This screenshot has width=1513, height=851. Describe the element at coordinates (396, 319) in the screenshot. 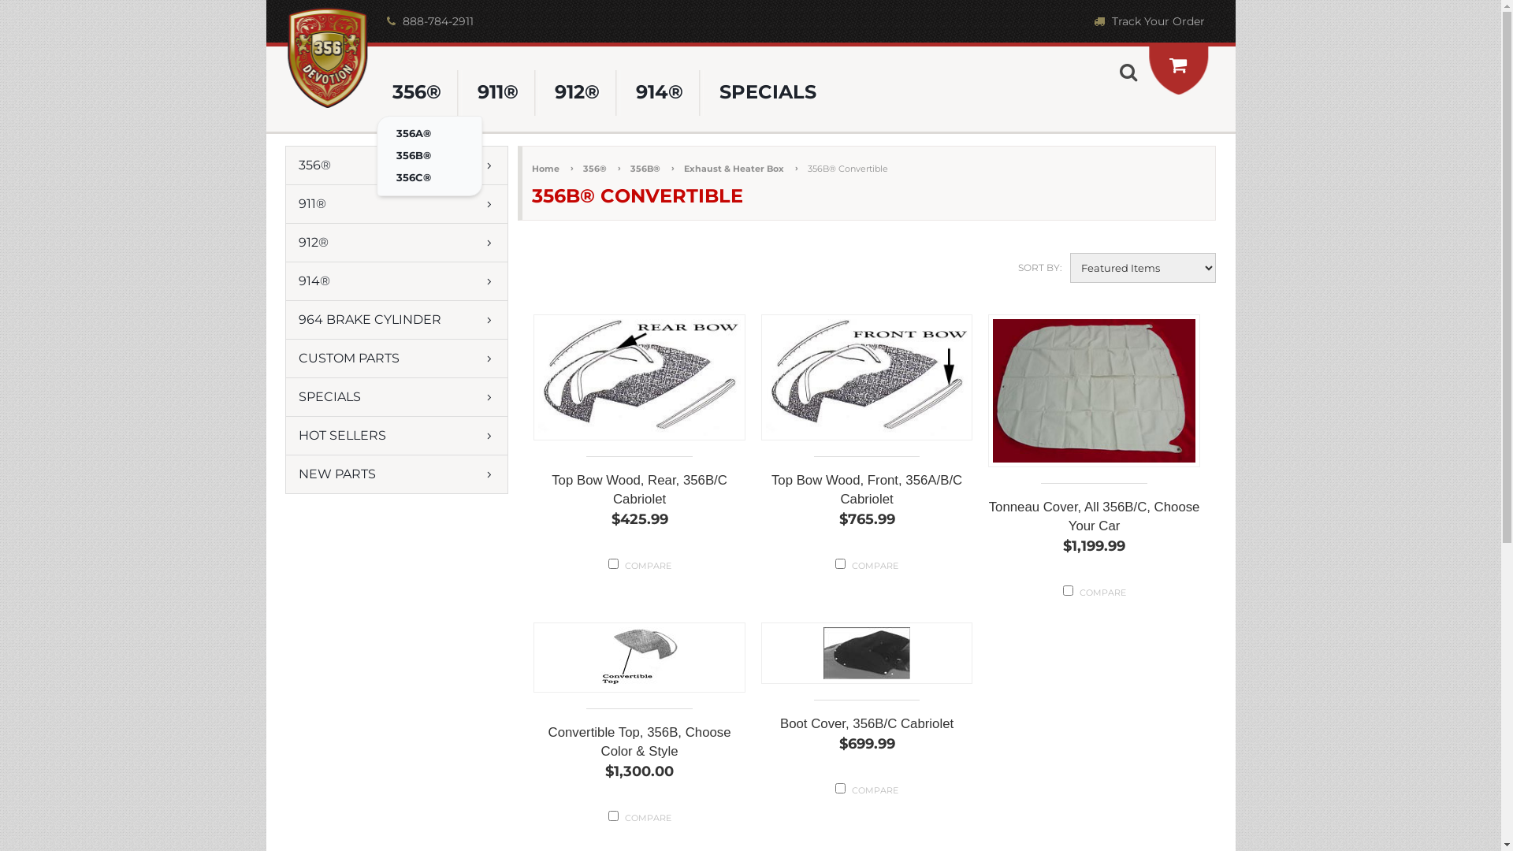

I see `'964 BRAKE CYLINDER'` at that location.